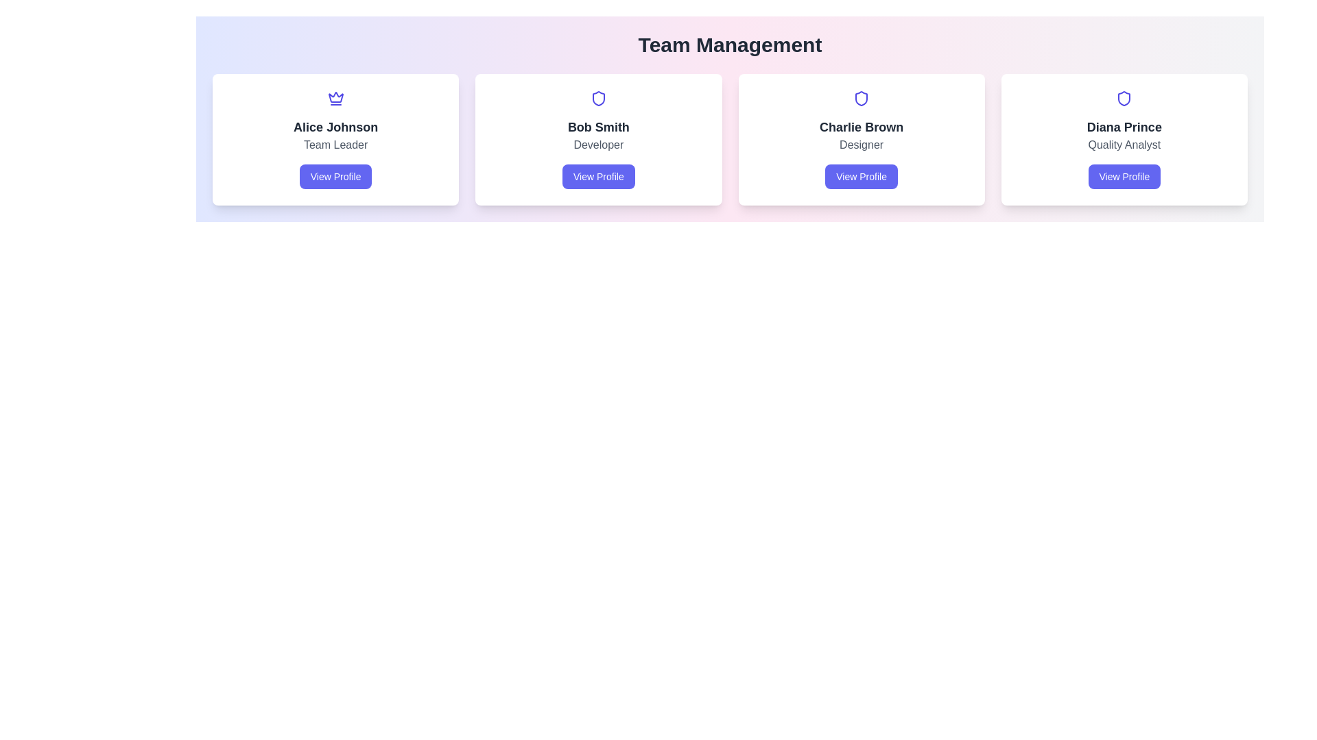 This screenshot has height=740, width=1317. I want to click on the text label displaying the role title 'Designer' in gray font, located within the card for 'Charlie Brown', positioned between the name label and the 'View Profile' button, so click(861, 145).